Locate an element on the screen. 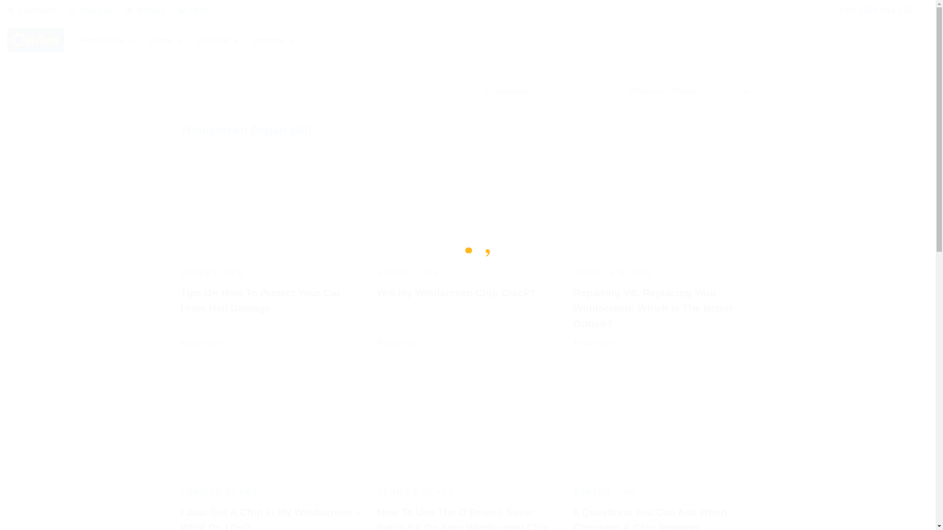  'Locations' is located at coordinates (37, 10).